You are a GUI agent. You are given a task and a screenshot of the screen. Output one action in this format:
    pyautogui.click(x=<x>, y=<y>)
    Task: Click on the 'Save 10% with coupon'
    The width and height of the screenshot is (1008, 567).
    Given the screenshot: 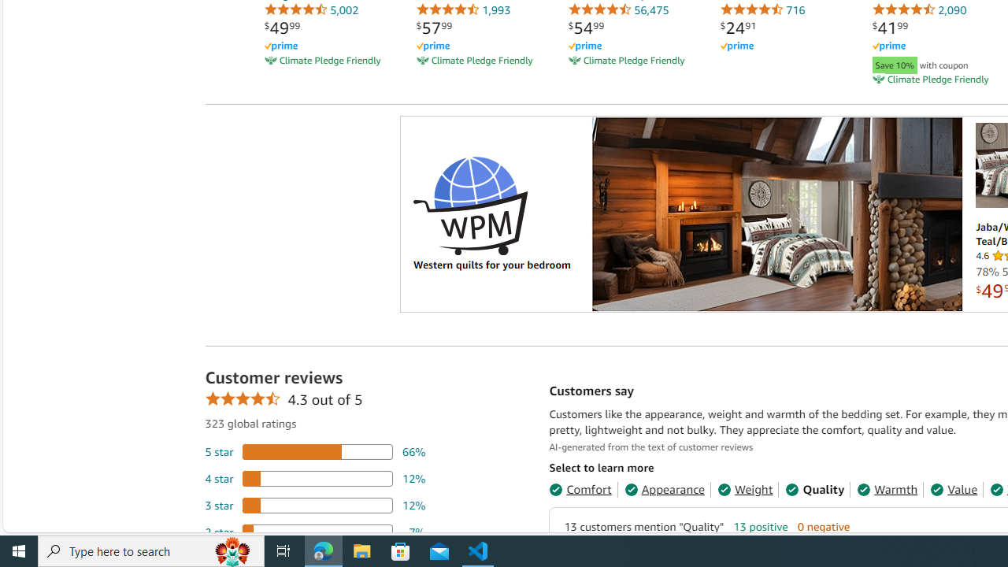 What is the action you would take?
    pyautogui.click(x=935, y=62)
    